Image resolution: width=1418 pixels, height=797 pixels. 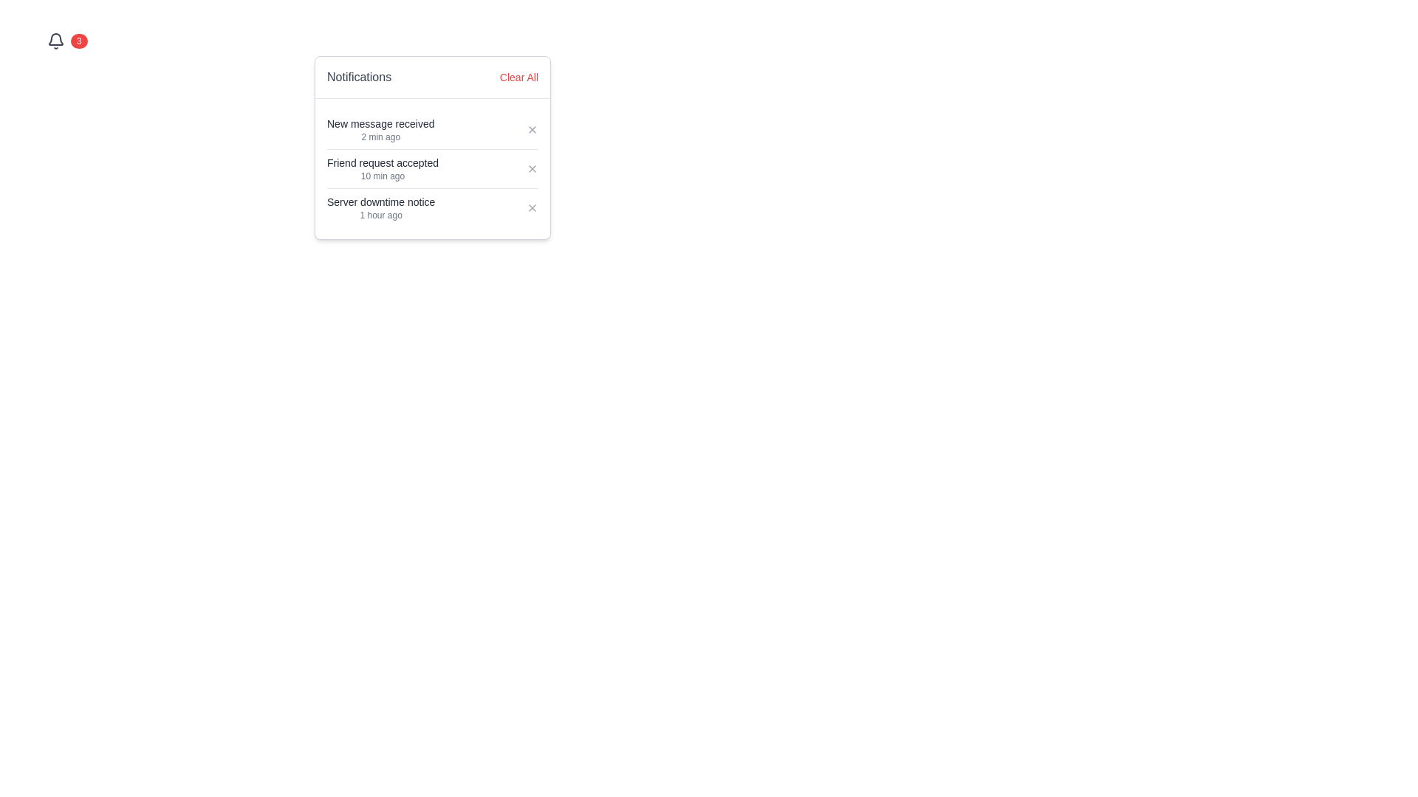 What do you see at coordinates (383, 176) in the screenshot?
I see `the text label displaying '10 min ago', which is located below the 'Friend request accepted' notification` at bounding box center [383, 176].